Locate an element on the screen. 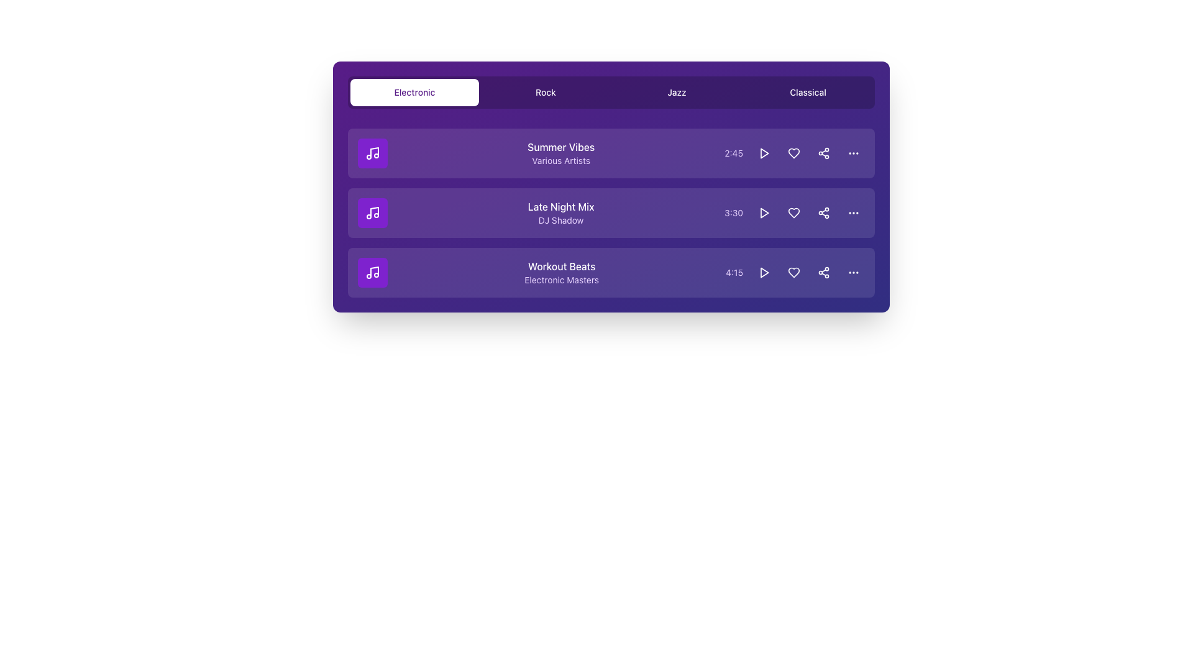 The width and height of the screenshot is (1193, 671). the circular purple button with a play icon located is located at coordinates (763, 272).